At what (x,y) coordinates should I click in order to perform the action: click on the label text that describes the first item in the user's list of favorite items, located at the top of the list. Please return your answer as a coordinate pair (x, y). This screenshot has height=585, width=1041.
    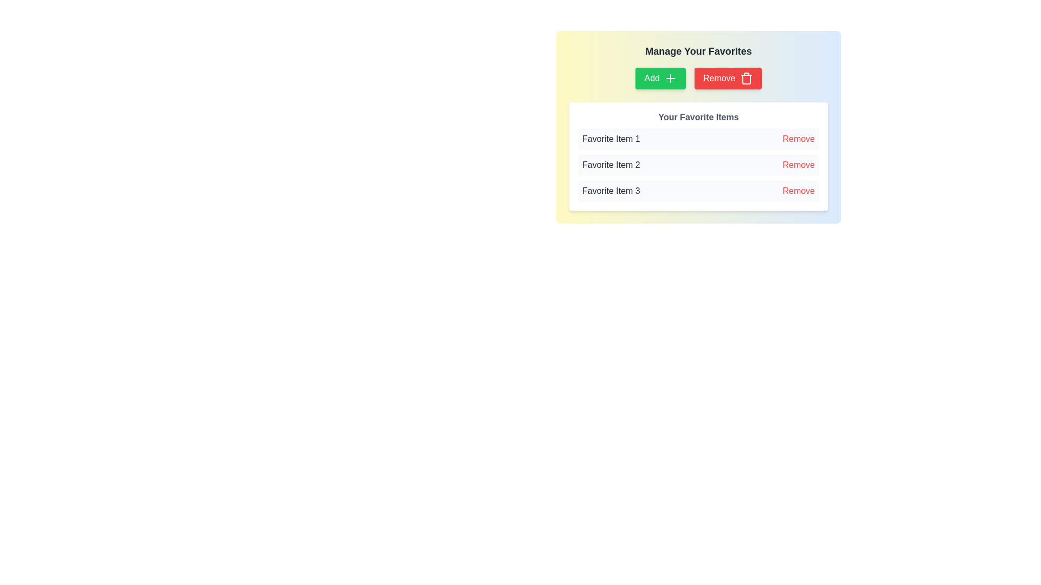
    Looking at the image, I should click on (611, 139).